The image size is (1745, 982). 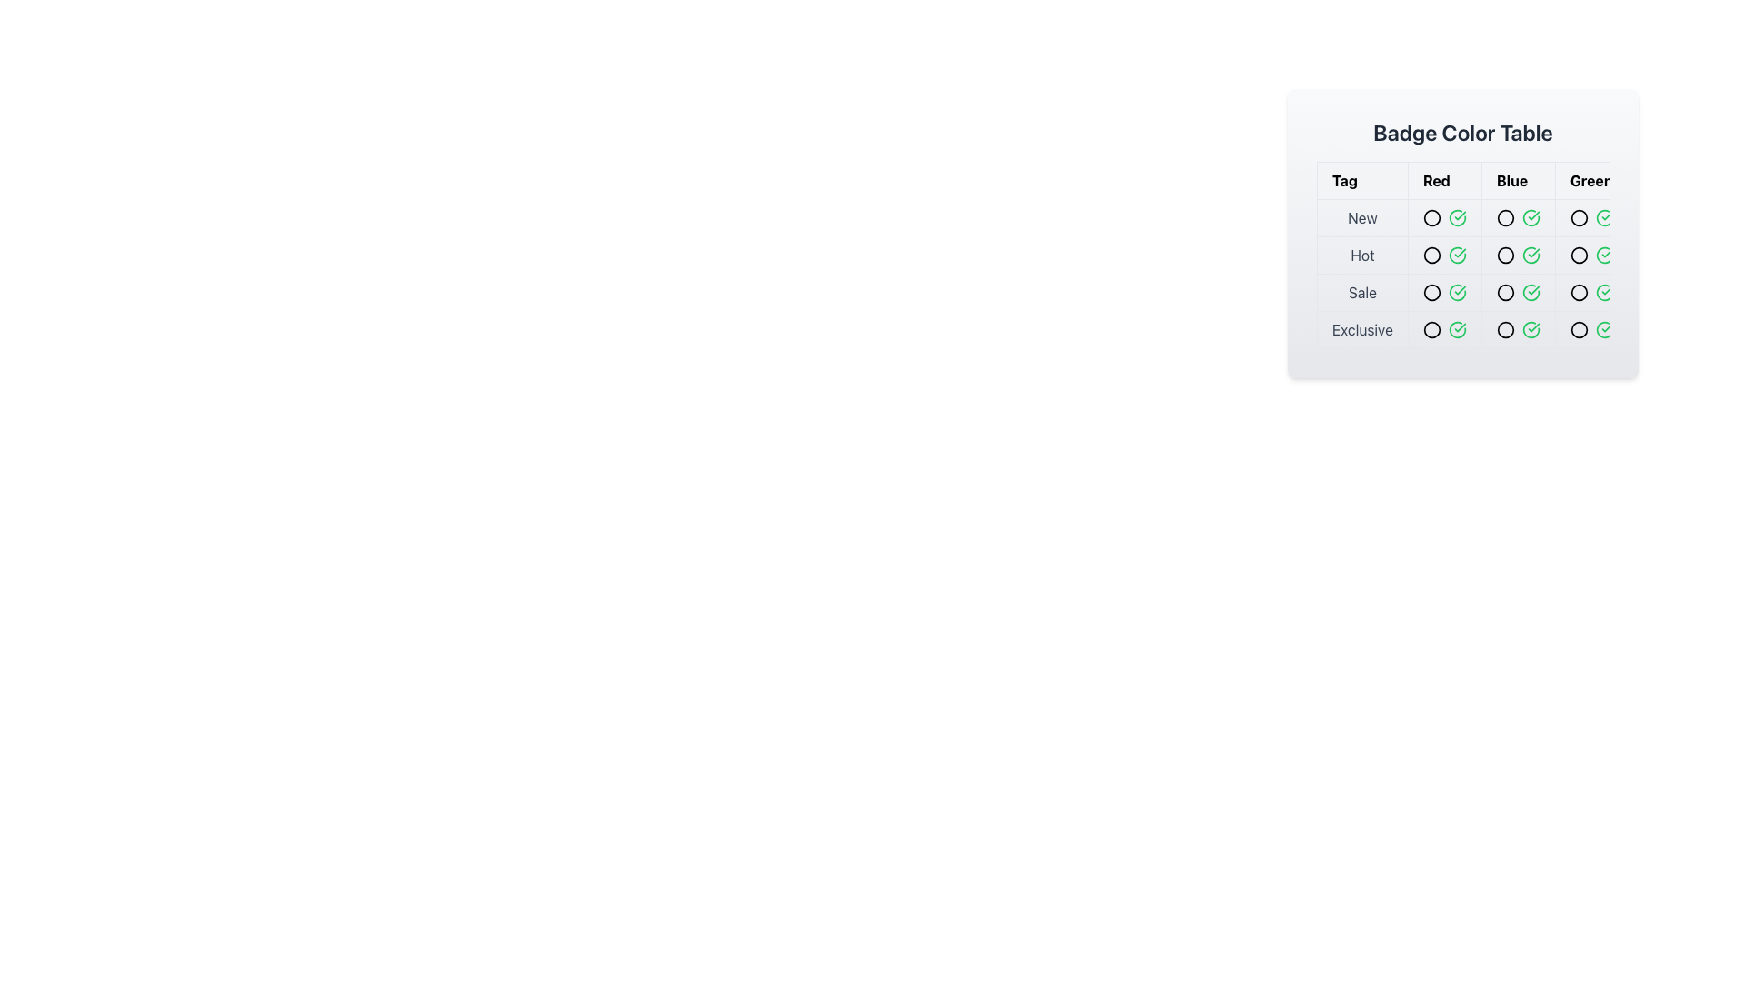 What do you see at coordinates (1518, 256) in the screenshot?
I see `the circular blue outlined icon with a green checkmark in the 'Hot' row and 'Blue' column for more details` at bounding box center [1518, 256].